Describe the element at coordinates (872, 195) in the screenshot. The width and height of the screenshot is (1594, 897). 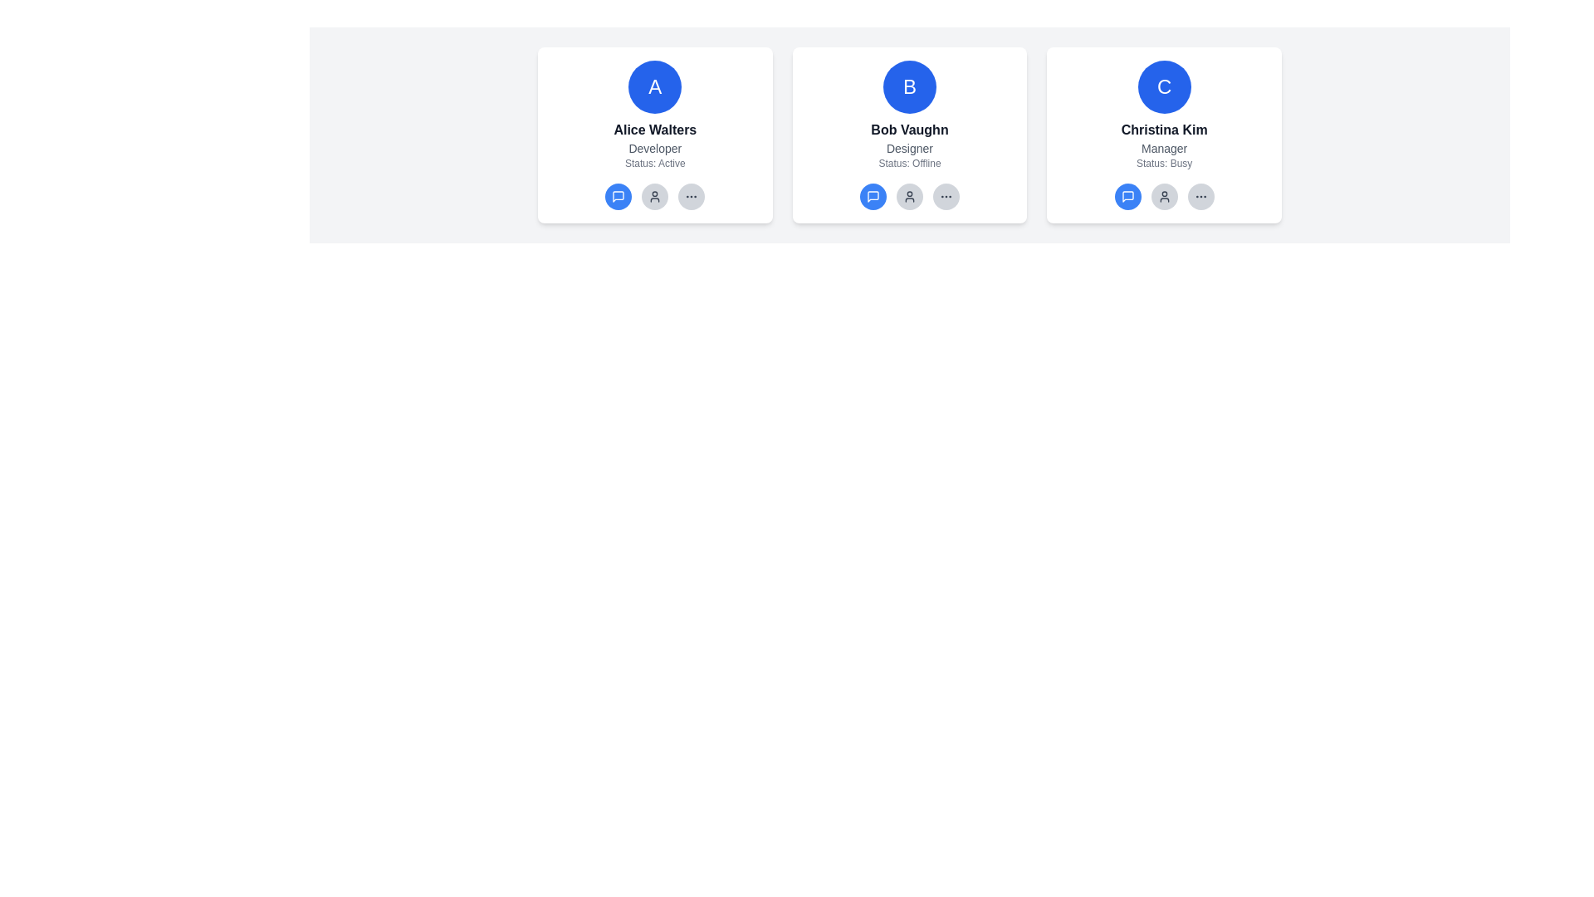
I see `the messaging icon located at the bottom-left corner of the card for 'Bob Vaughn', the Designer` at that location.